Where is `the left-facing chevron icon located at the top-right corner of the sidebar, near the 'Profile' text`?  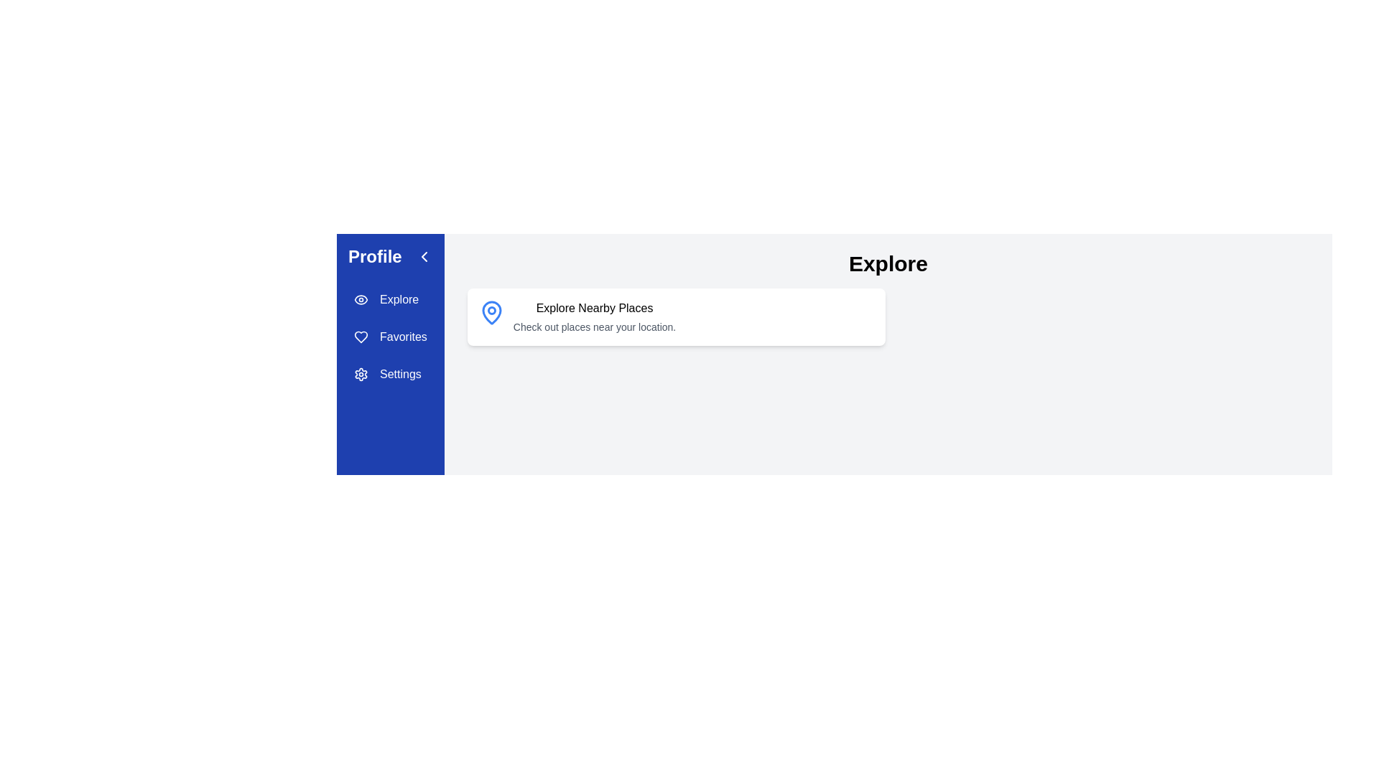 the left-facing chevron icon located at the top-right corner of the sidebar, near the 'Profile' text is located at coordinates (423, 256).